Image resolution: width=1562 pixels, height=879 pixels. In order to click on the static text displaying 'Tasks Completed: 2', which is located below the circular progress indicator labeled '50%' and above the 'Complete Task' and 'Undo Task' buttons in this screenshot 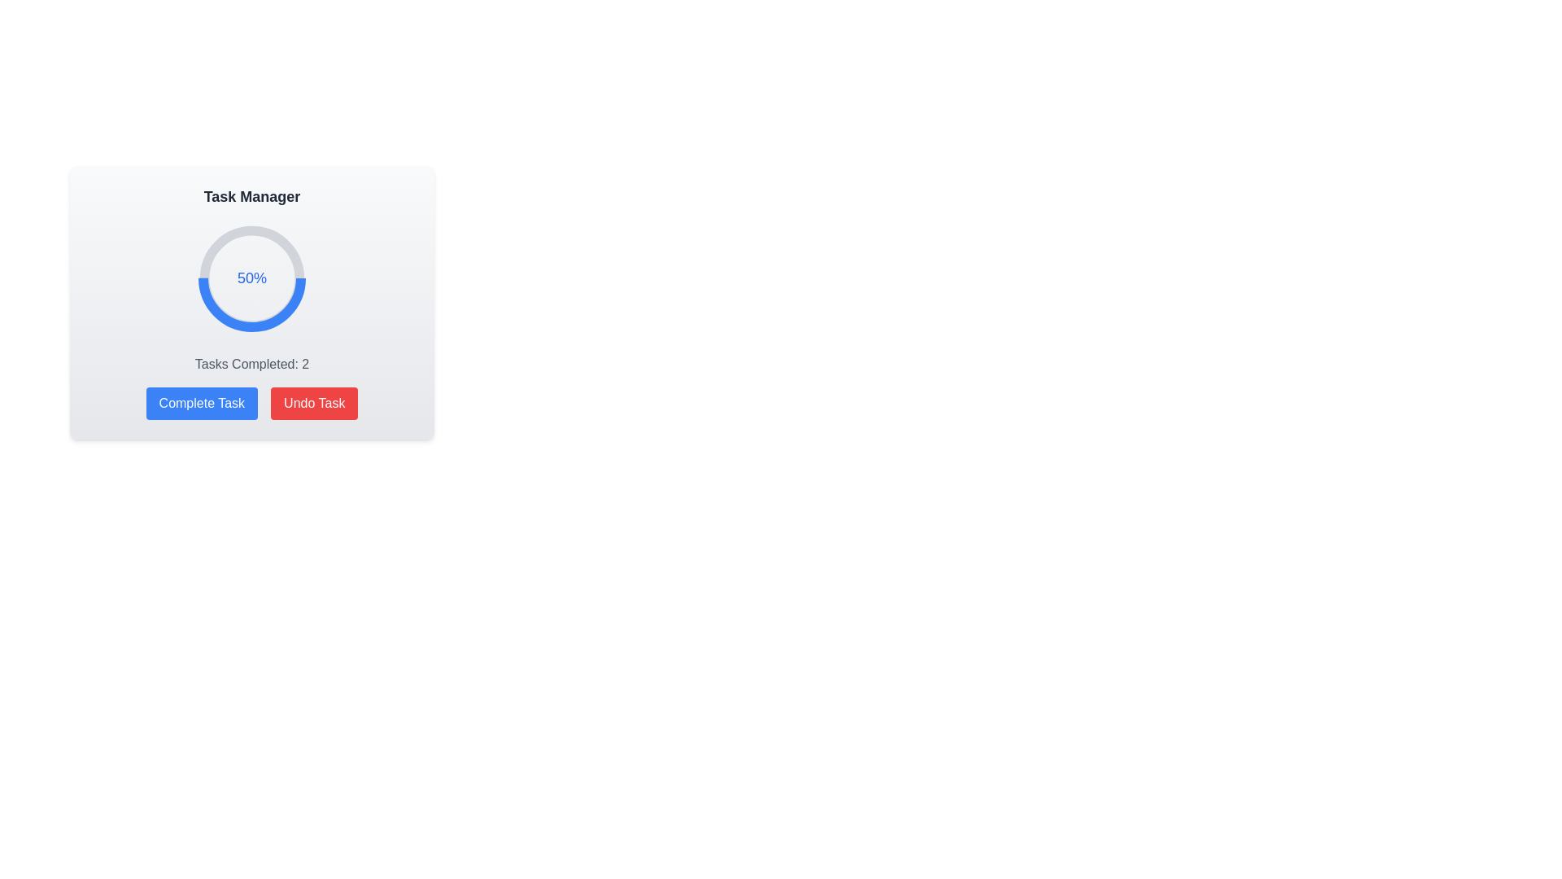, I will do `click(251, 363)`.